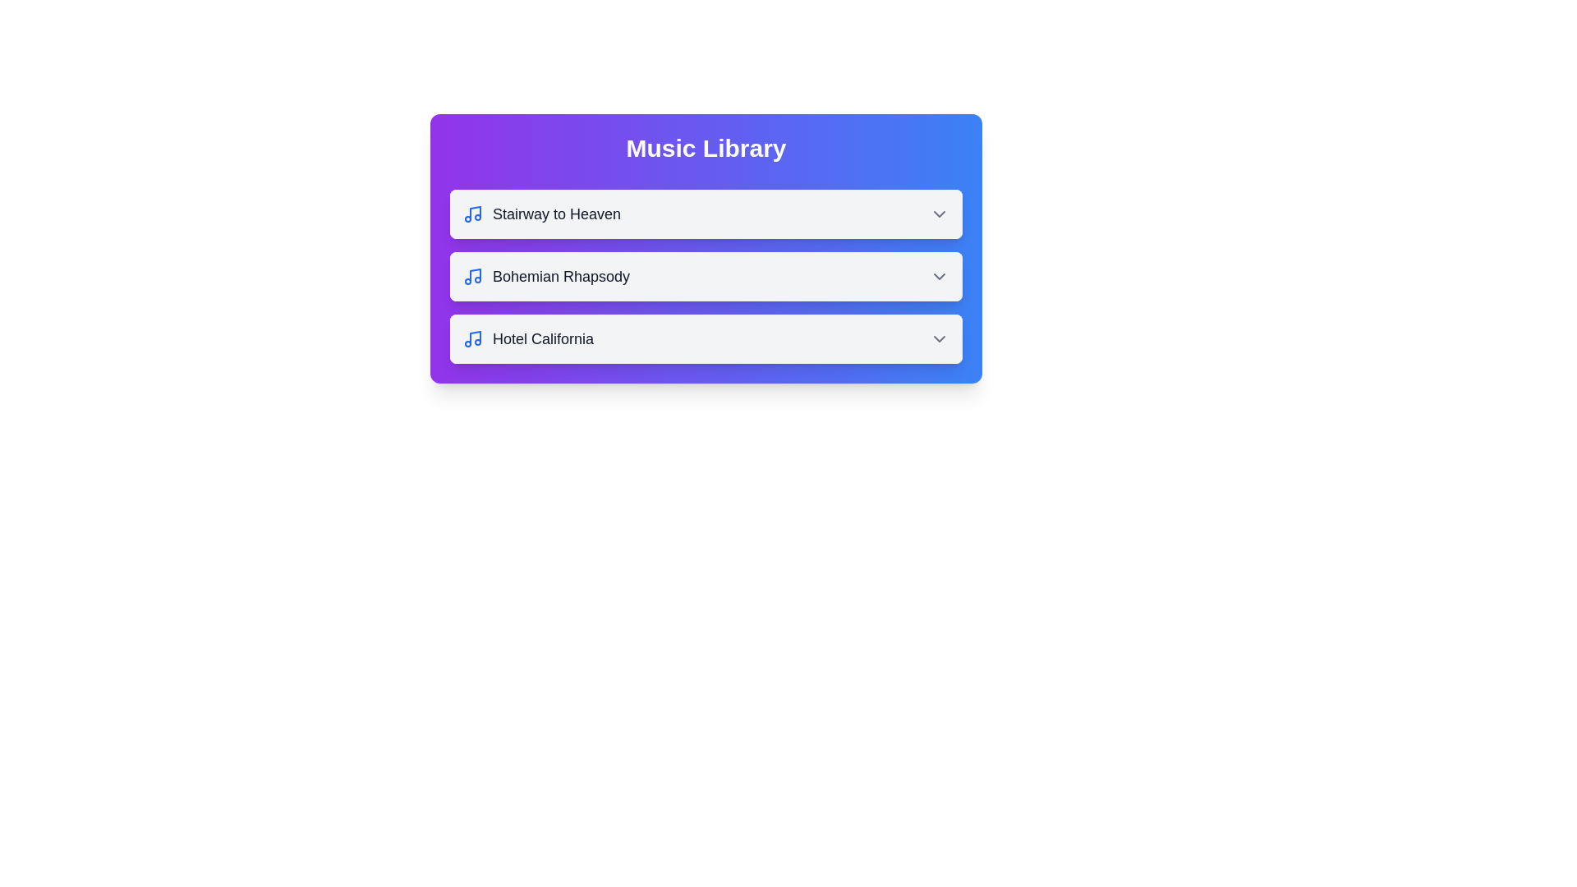 The width and height of the screenshot is (1577, 887). Describe the element at coordinates (939, 275) in the screenshot. I see `the chevron icon at the right end of the 'Bohemian Rhapsody' row in the 'Music Library'` at that location.